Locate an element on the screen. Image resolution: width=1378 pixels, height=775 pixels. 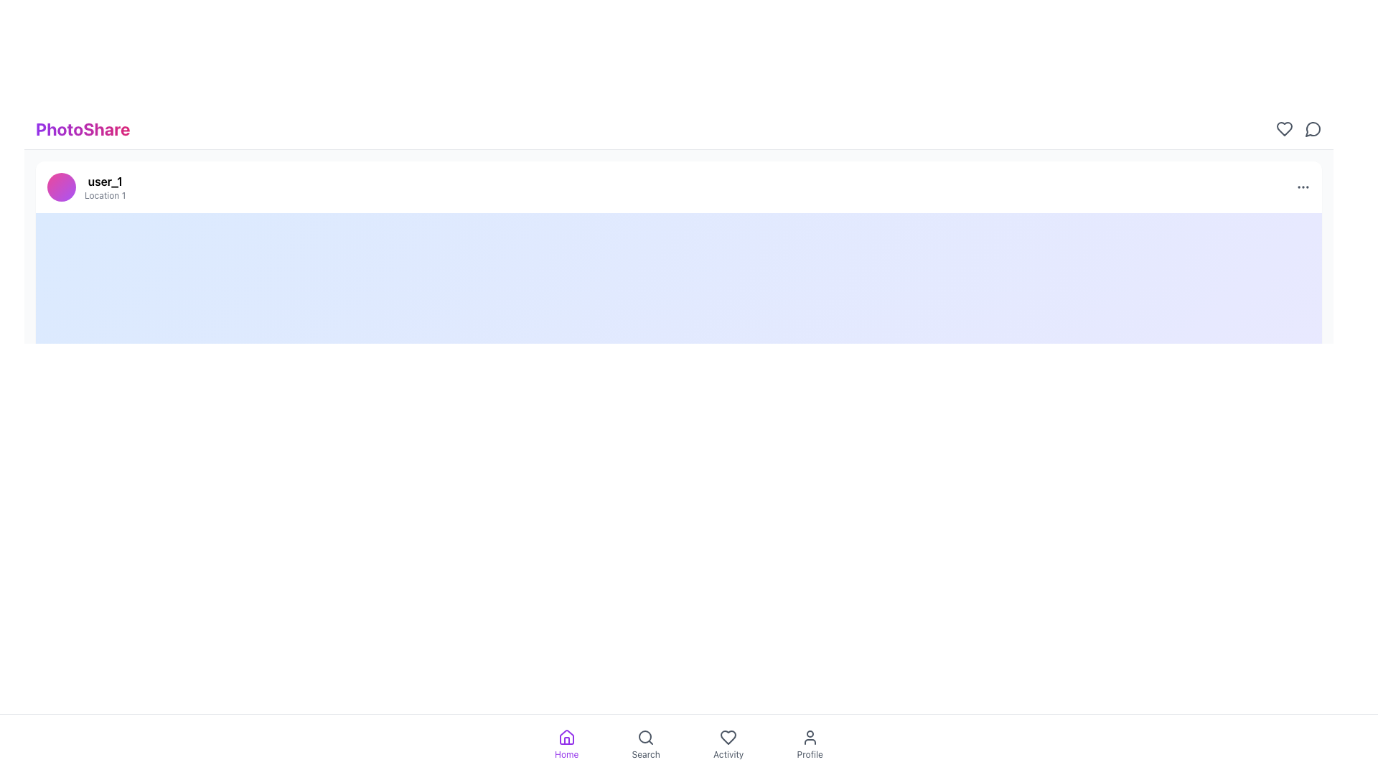
the user profile icon located at the bottom-right corner of the navigation bar is located at coordinates (810, 738).